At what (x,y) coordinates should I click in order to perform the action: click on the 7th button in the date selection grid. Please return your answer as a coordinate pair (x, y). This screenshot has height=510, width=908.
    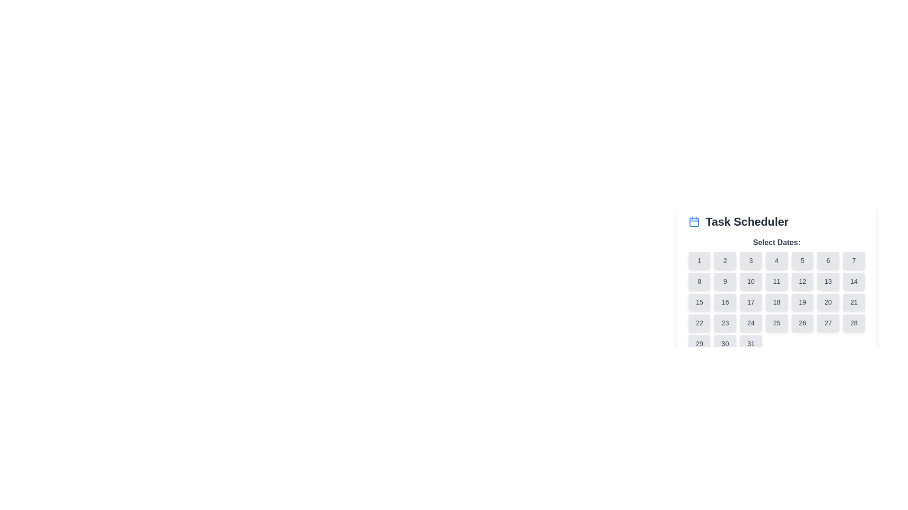
    Looking at the image, I should click on (854, 260).